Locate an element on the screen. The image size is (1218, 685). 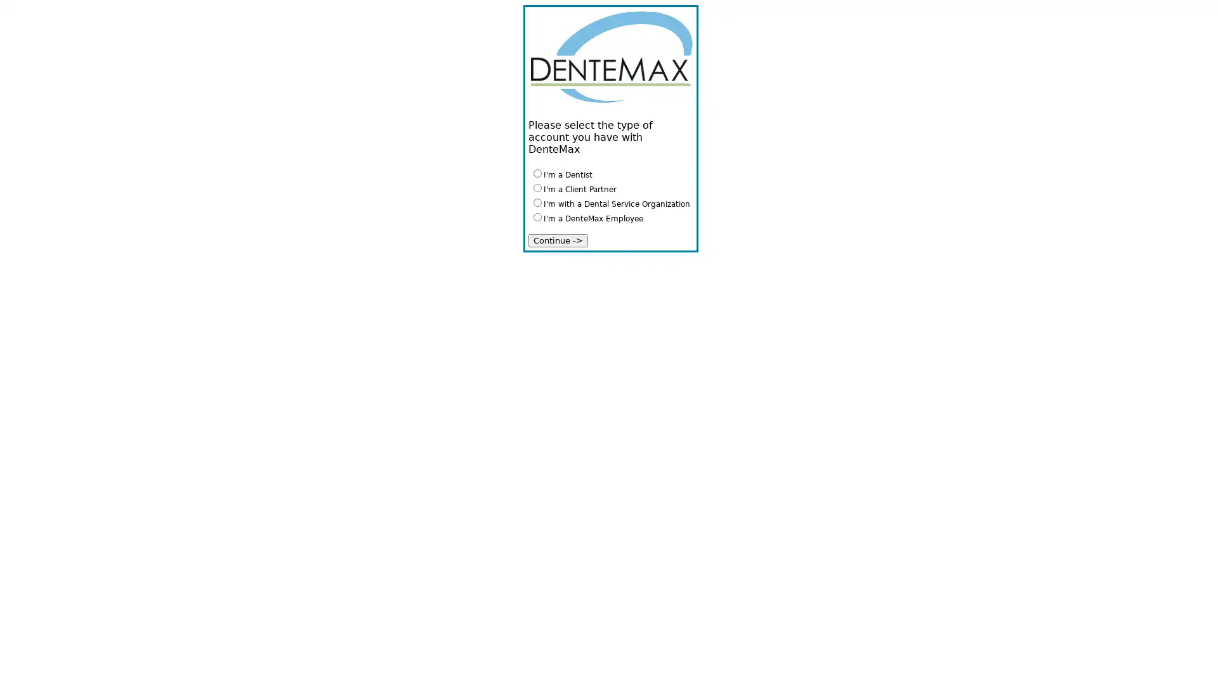
Continue -> is located at coordinates (558, 240).